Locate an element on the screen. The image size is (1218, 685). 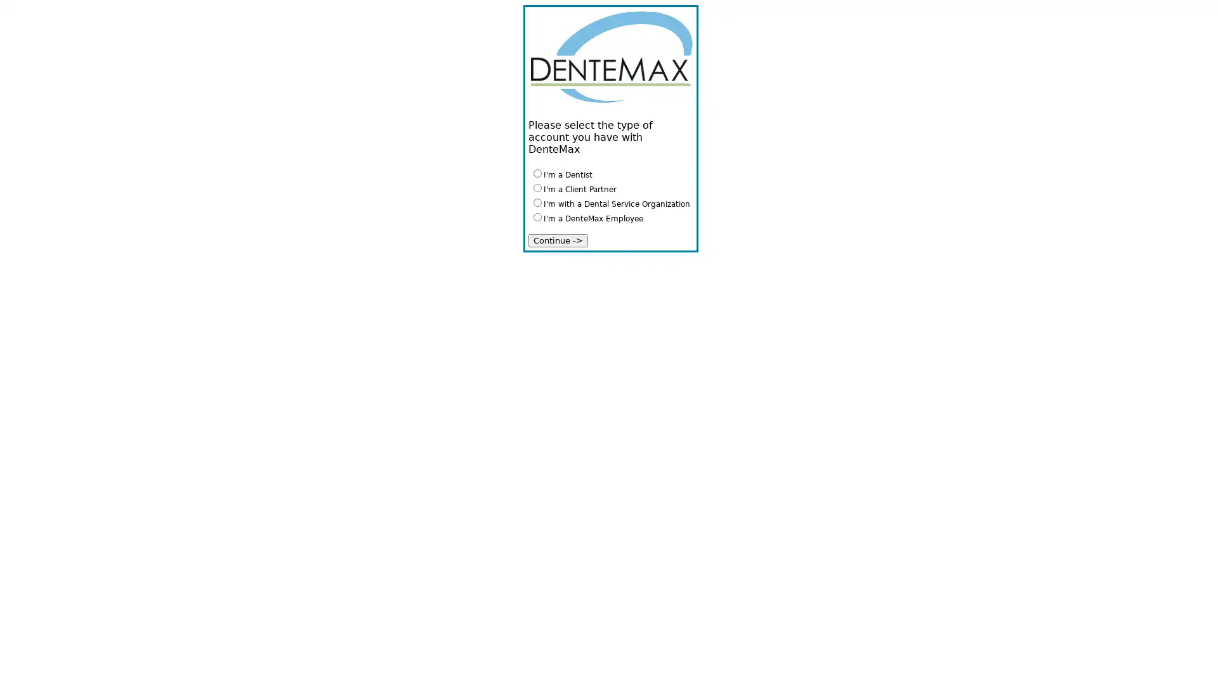
Continue -> is located at coordinates (558, 240).